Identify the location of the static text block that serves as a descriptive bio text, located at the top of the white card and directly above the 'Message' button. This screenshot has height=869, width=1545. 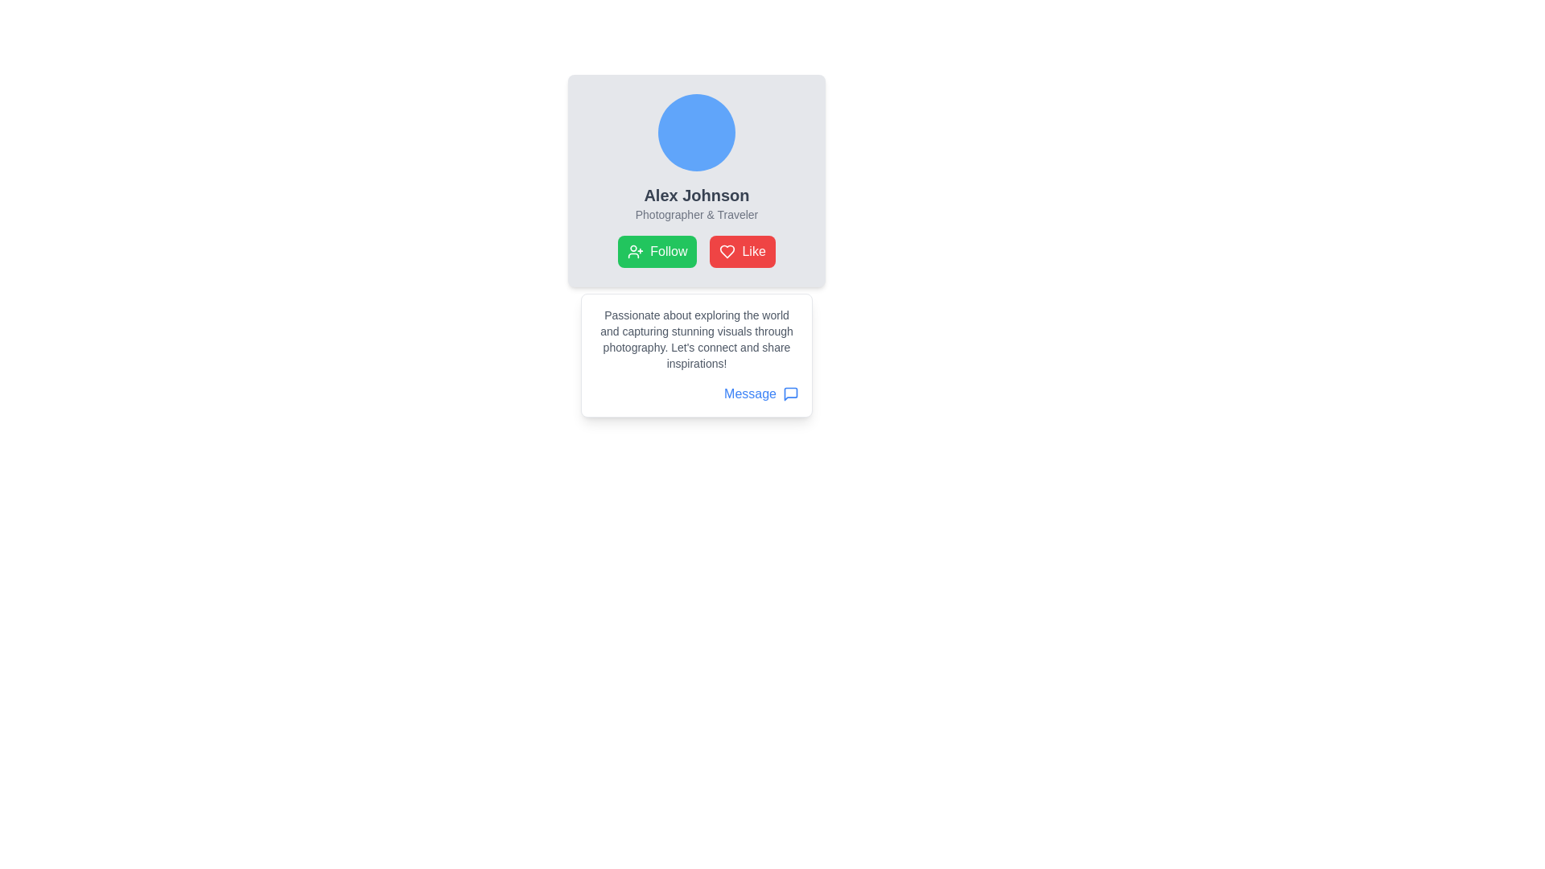
(696, 338).